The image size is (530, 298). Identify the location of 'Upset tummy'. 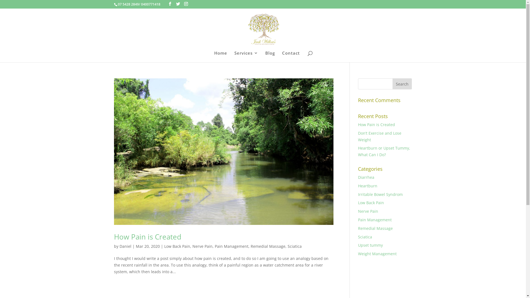
(370, 245).